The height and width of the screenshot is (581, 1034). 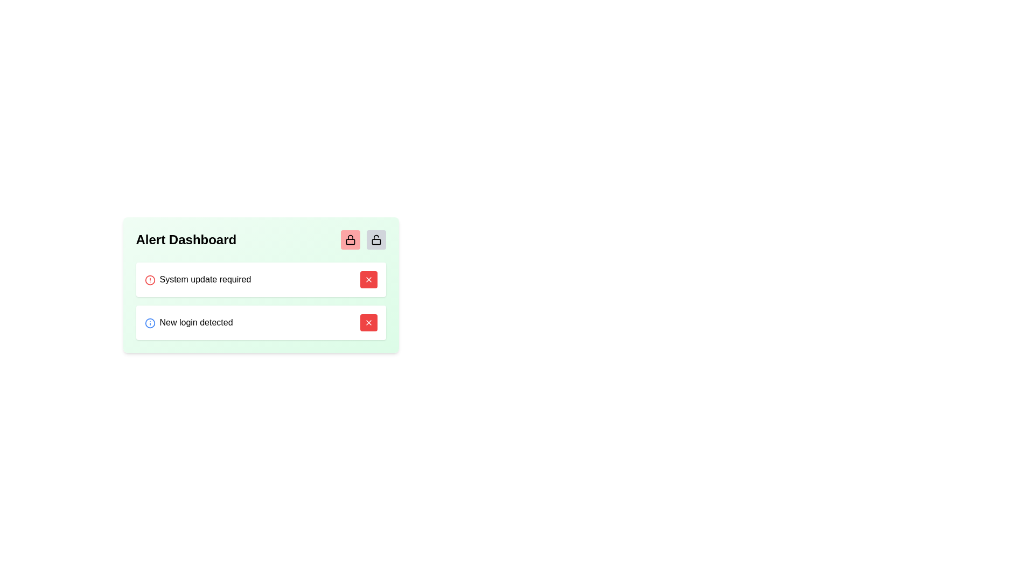 I want to click on the close icon button located within the red button adjacent to the text 'System update required' in the alert dashboard, so click(x=368, y=322).